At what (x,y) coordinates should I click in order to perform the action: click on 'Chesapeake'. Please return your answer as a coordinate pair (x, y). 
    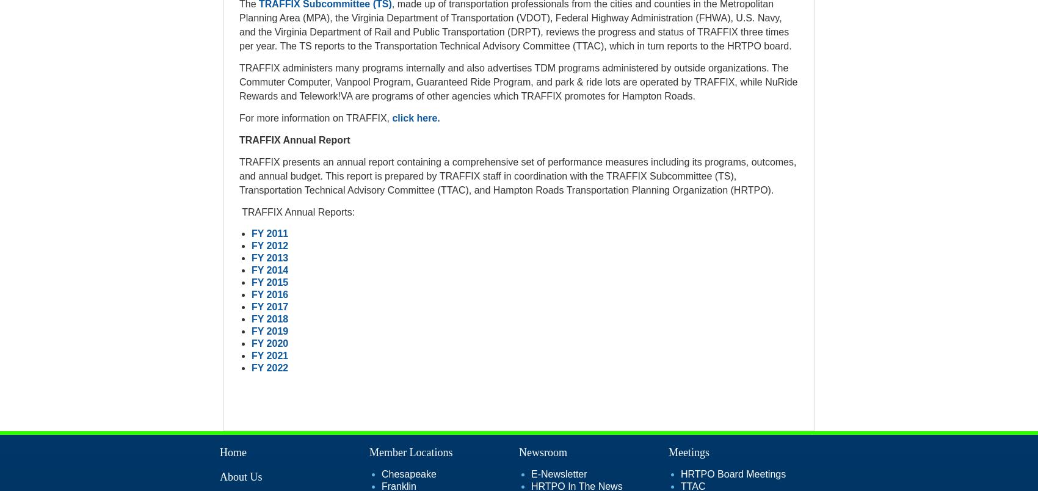
    Looking at the image, I should click on (408, 473).